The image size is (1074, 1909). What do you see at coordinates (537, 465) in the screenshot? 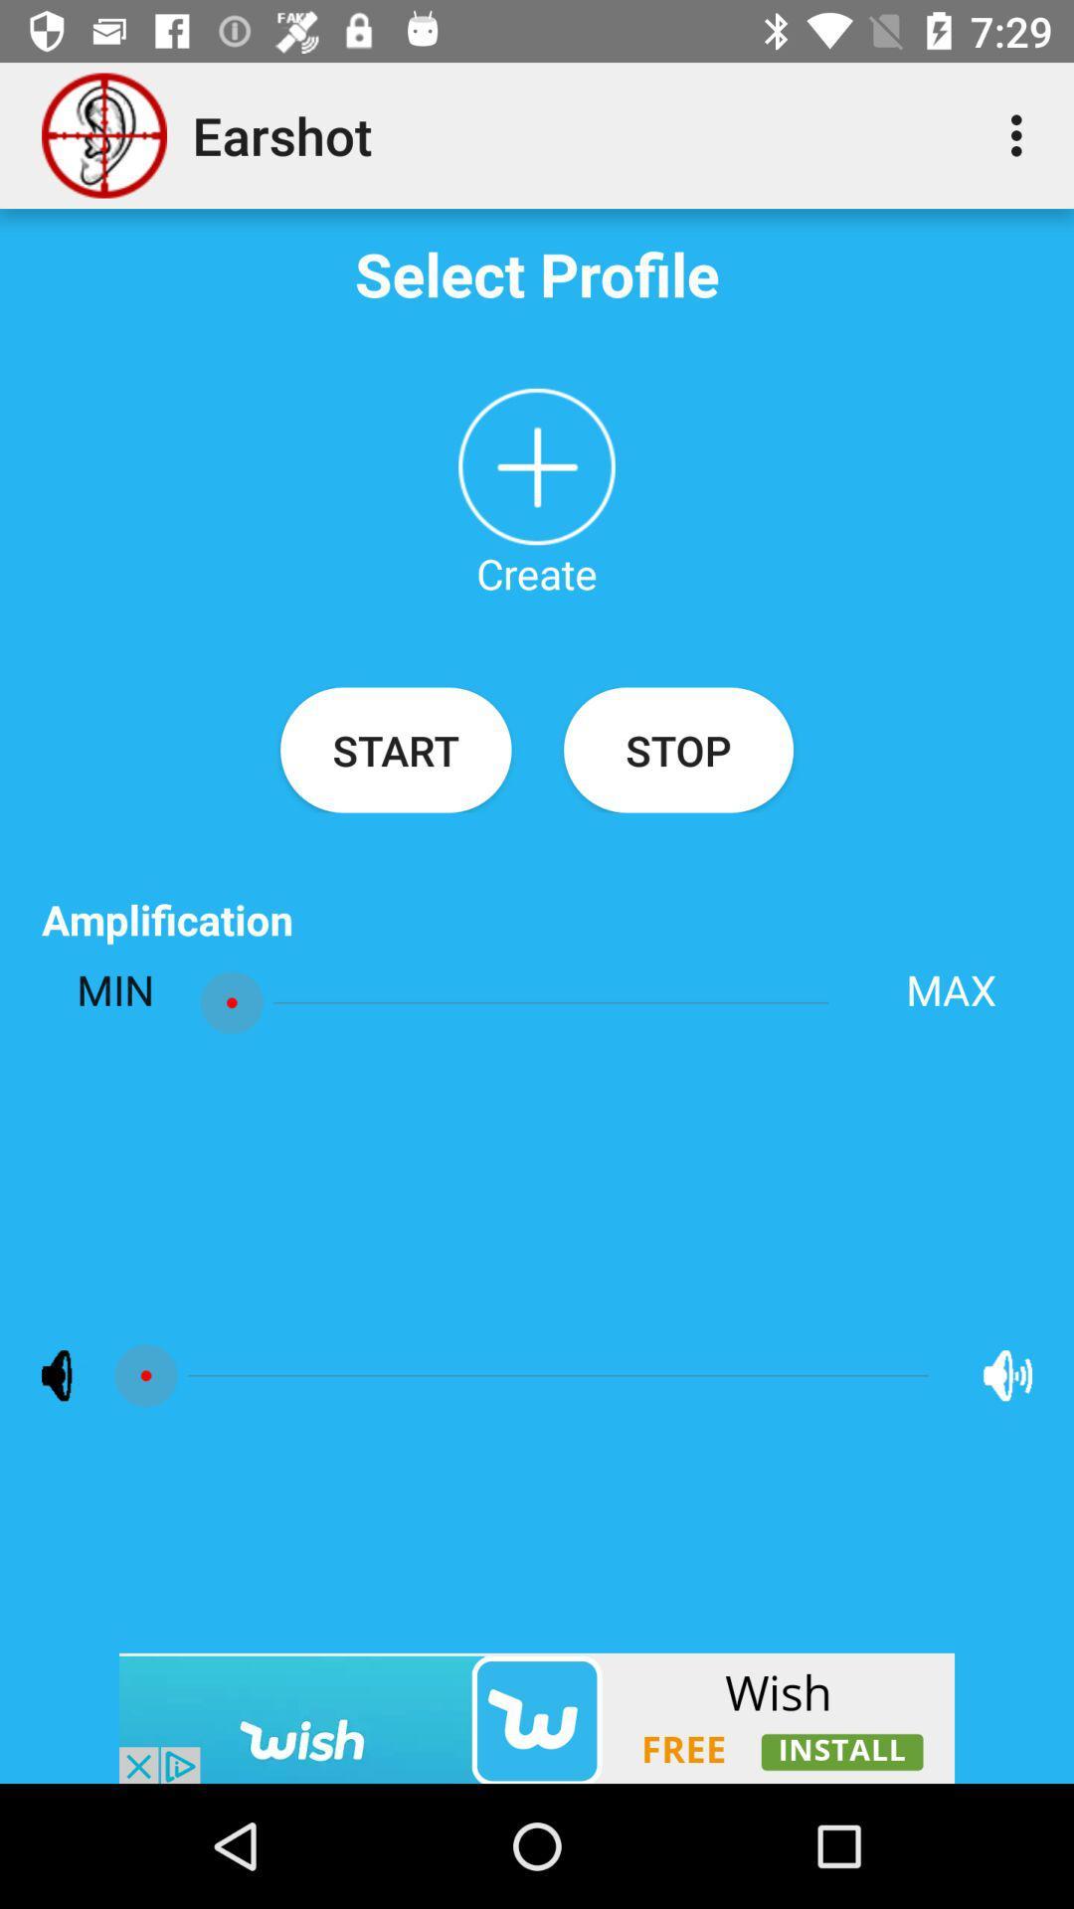
I see `the add icon` at bounding box center [537, 465].